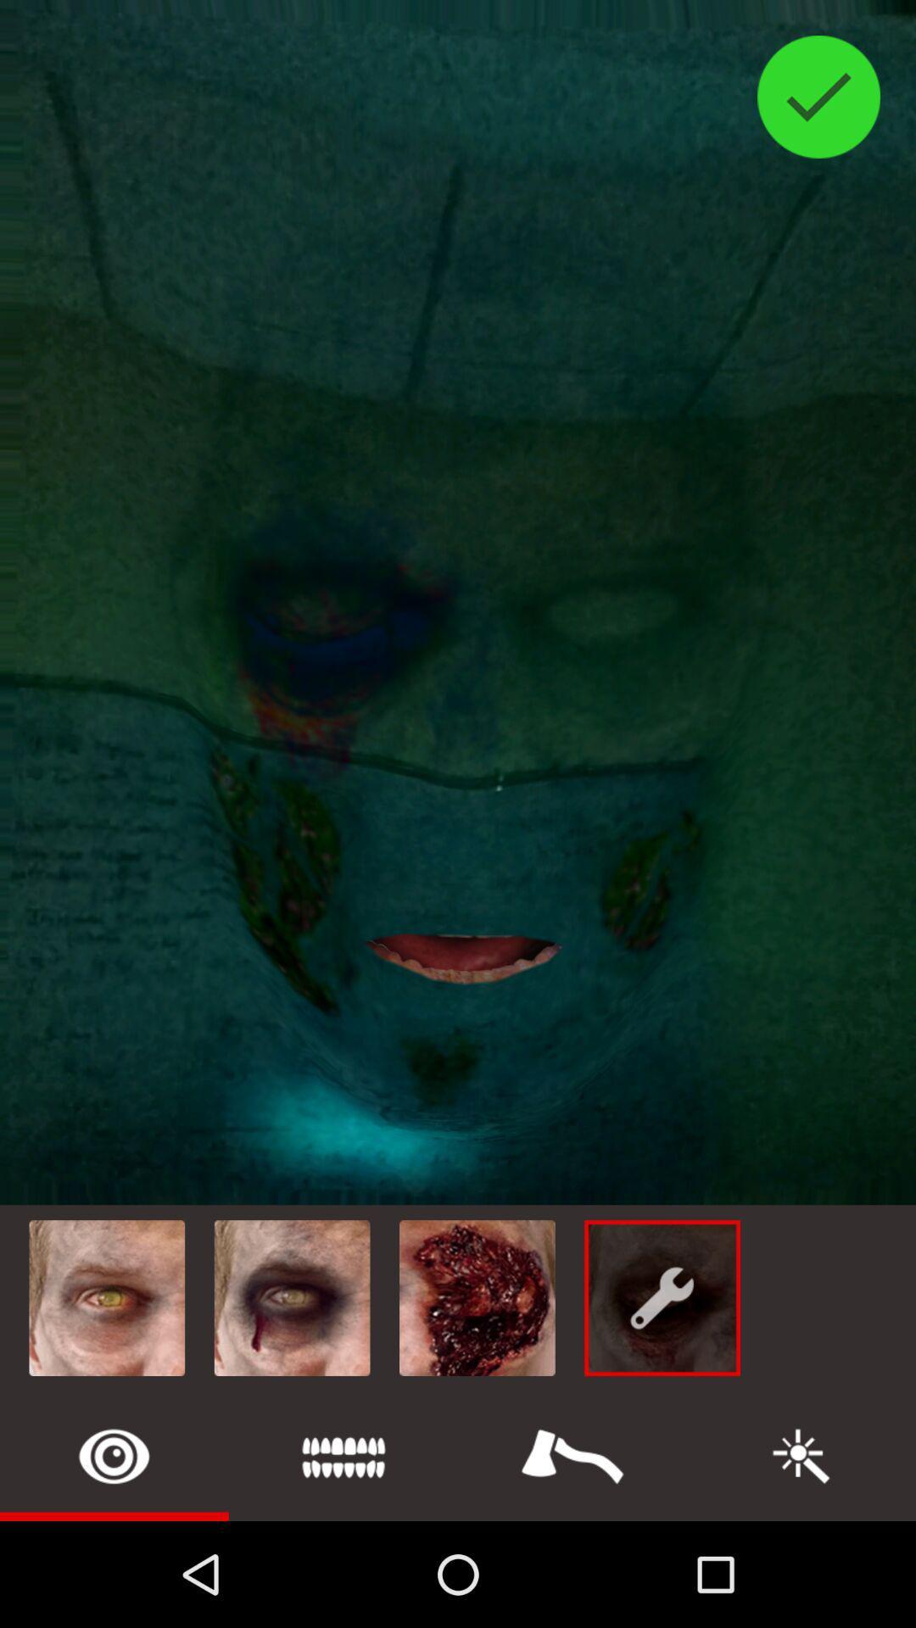  I want to click on modify teeth, so click(343, 1455).